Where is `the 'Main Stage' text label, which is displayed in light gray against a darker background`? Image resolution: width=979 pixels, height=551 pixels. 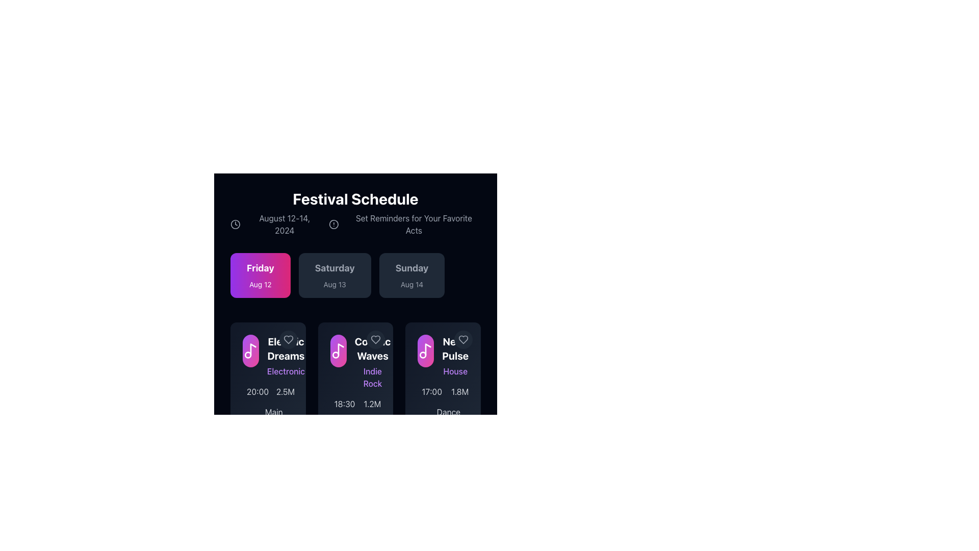
the 'Main Stage' text label, which is displayed in light gray against a darker background is located at coordinates (274, 418).